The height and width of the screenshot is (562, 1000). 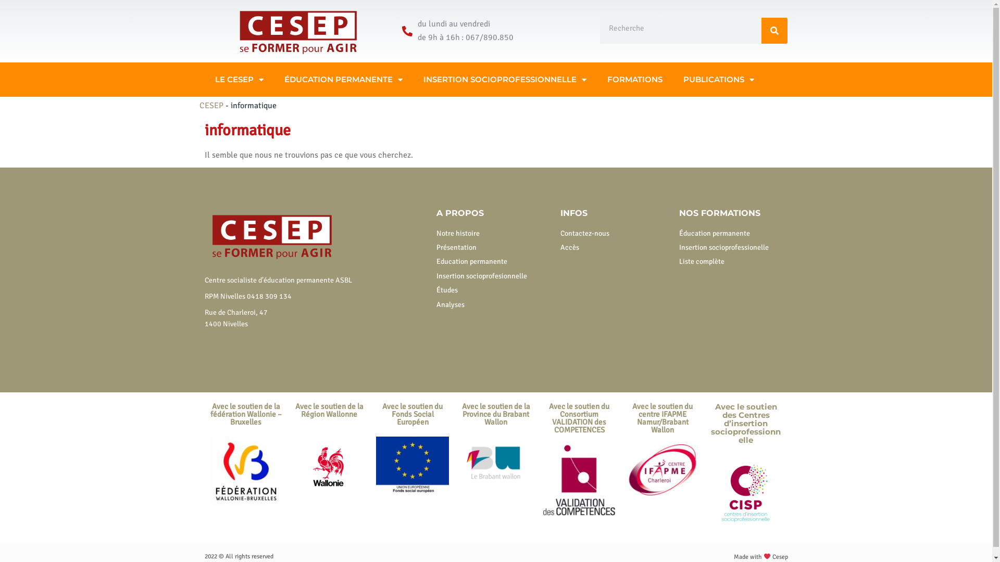 I want to click on 'Contactez-nous', so click(x=615, y=233).